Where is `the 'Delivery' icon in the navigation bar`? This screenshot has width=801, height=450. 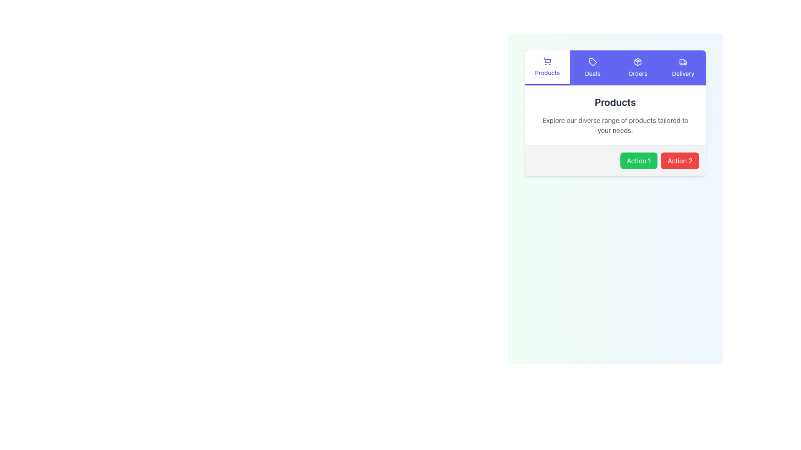 the 'Delivery' icon in the navigation bar is located at coordinates (683, 62).